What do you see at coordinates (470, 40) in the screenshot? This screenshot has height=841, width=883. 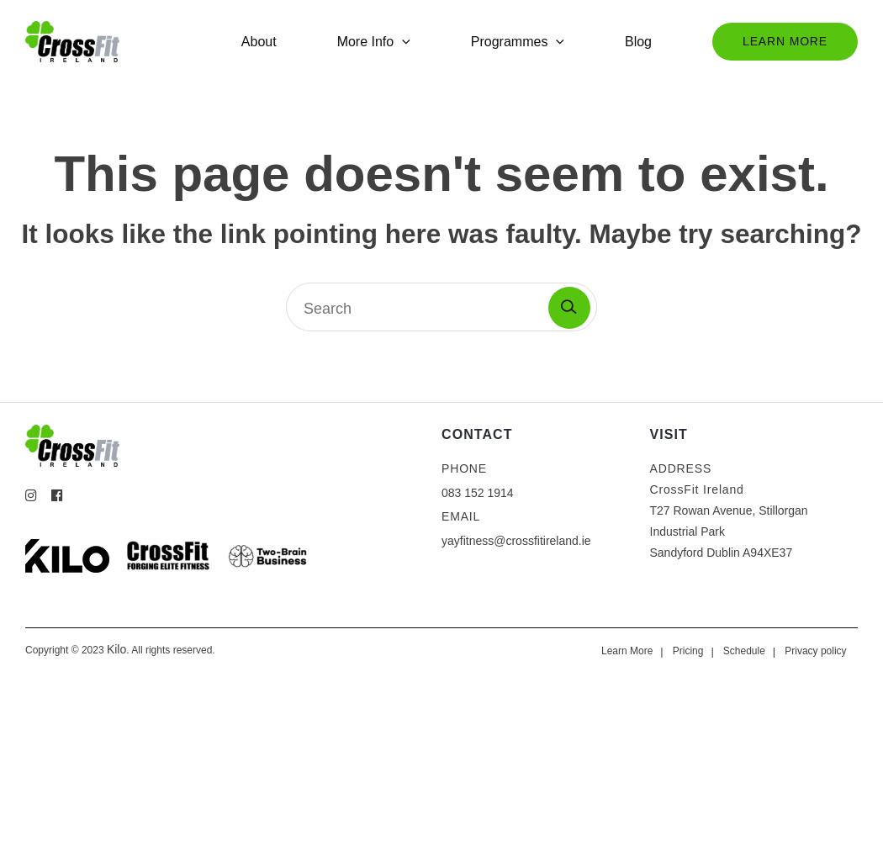 I see `'Programmes'` at bounding box center [470, 40].